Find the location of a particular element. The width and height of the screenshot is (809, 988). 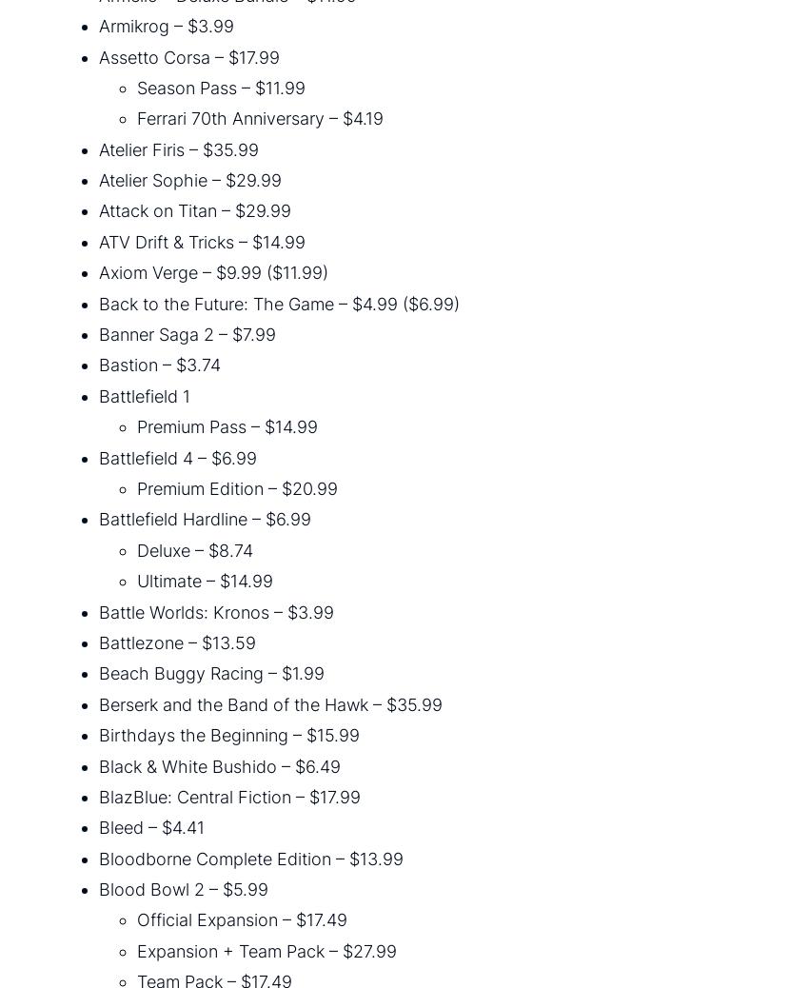

'Share article' is located at coordinates (73, 317).